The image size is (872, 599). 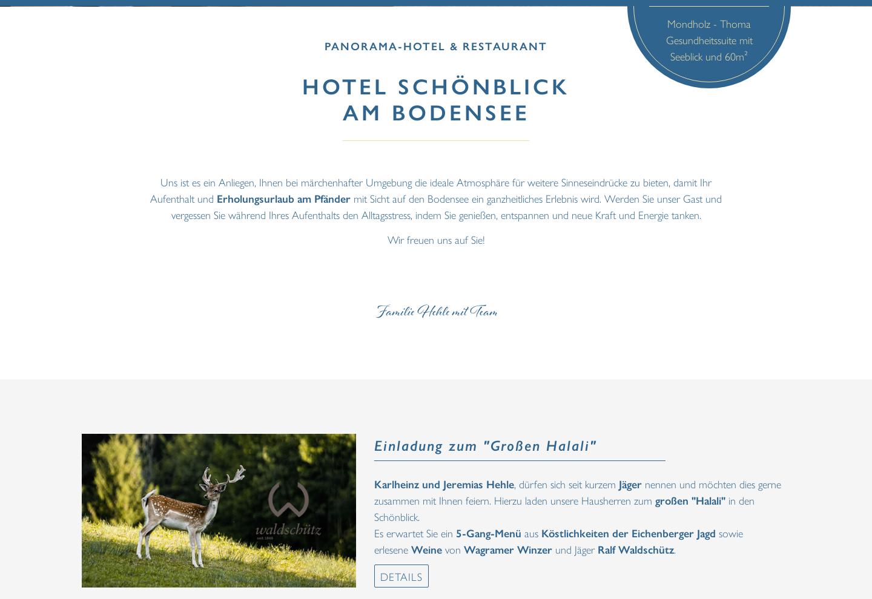 I want to click on 'Köstlichkeiten der Eichenberger Jagd', so click(x=628, y=532).